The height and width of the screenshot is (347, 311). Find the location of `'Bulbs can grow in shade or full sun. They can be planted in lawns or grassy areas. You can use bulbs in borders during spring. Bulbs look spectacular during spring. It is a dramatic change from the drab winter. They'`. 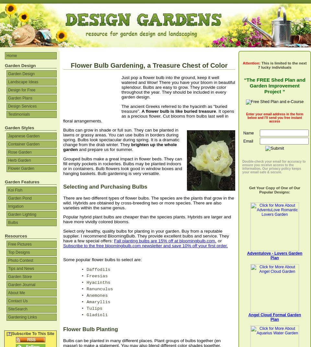

'Bulbs can grow in shade or full sun. They can be planted in lawns or grassy areas. You can use bulbs in borders during spring. Bulbs look spectacular during spring. It is a dramatic change from the drab winter. They' is located at coordinates (63, 137).